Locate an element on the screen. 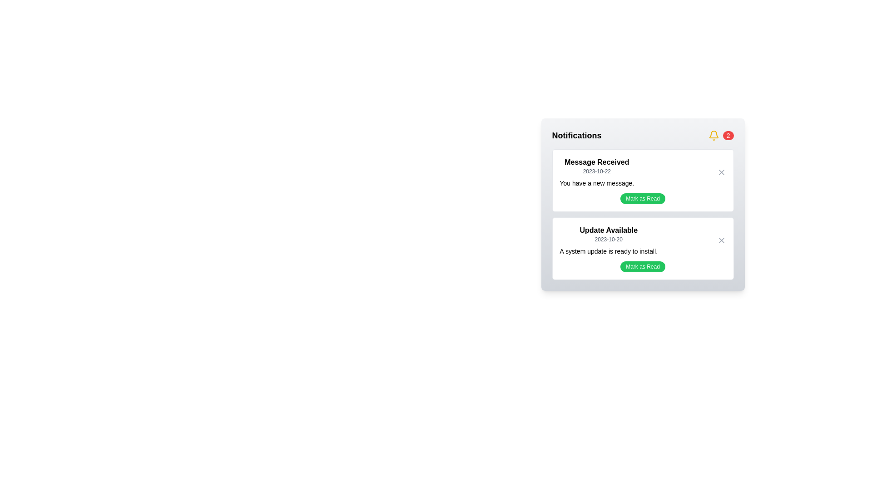 This screenshot has height=490, width=872. title text label of the first notification, which is located at the top-left corner of the notification card and serves to summarize the content of the notification in a concise and bold manner is located at coordinates (597, 162).